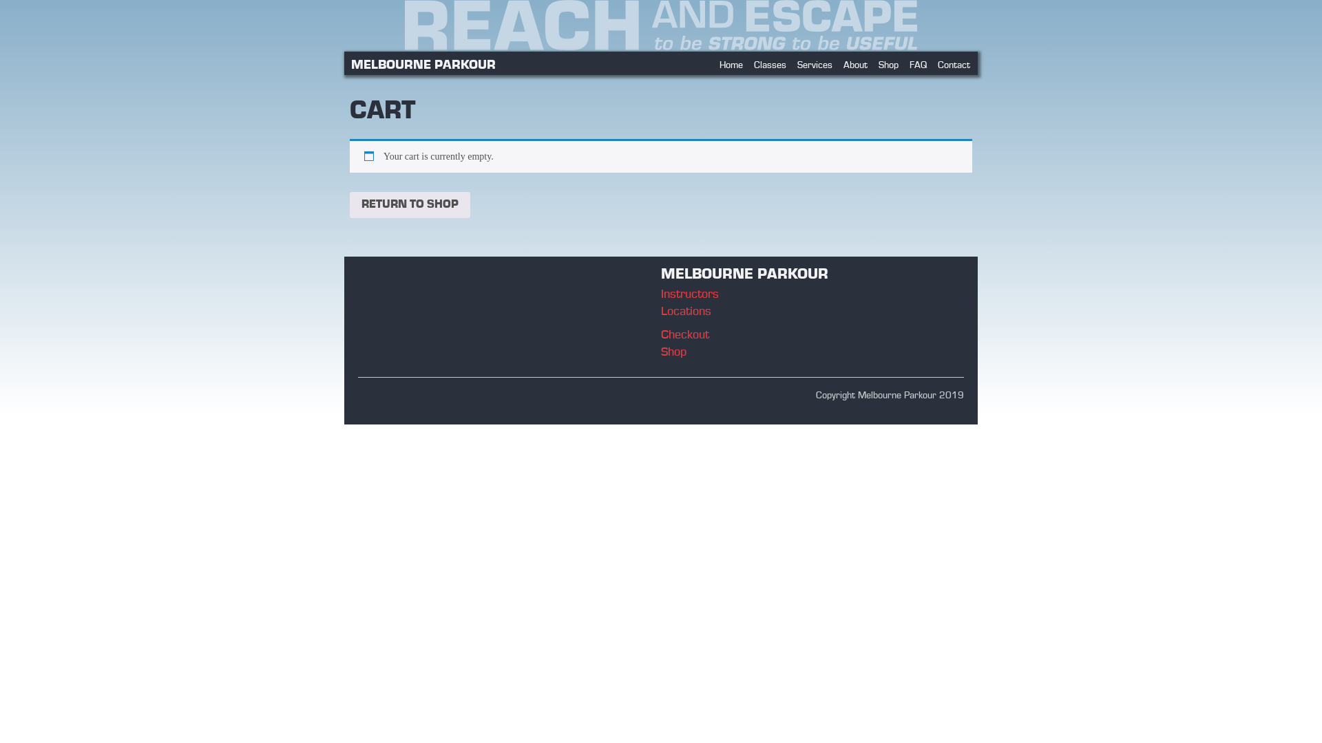 The image size is (1322, 743). Describe the element at coordinates (409, 204) in the screenshot. I see `'RETURN TO SHOP'` at that location.